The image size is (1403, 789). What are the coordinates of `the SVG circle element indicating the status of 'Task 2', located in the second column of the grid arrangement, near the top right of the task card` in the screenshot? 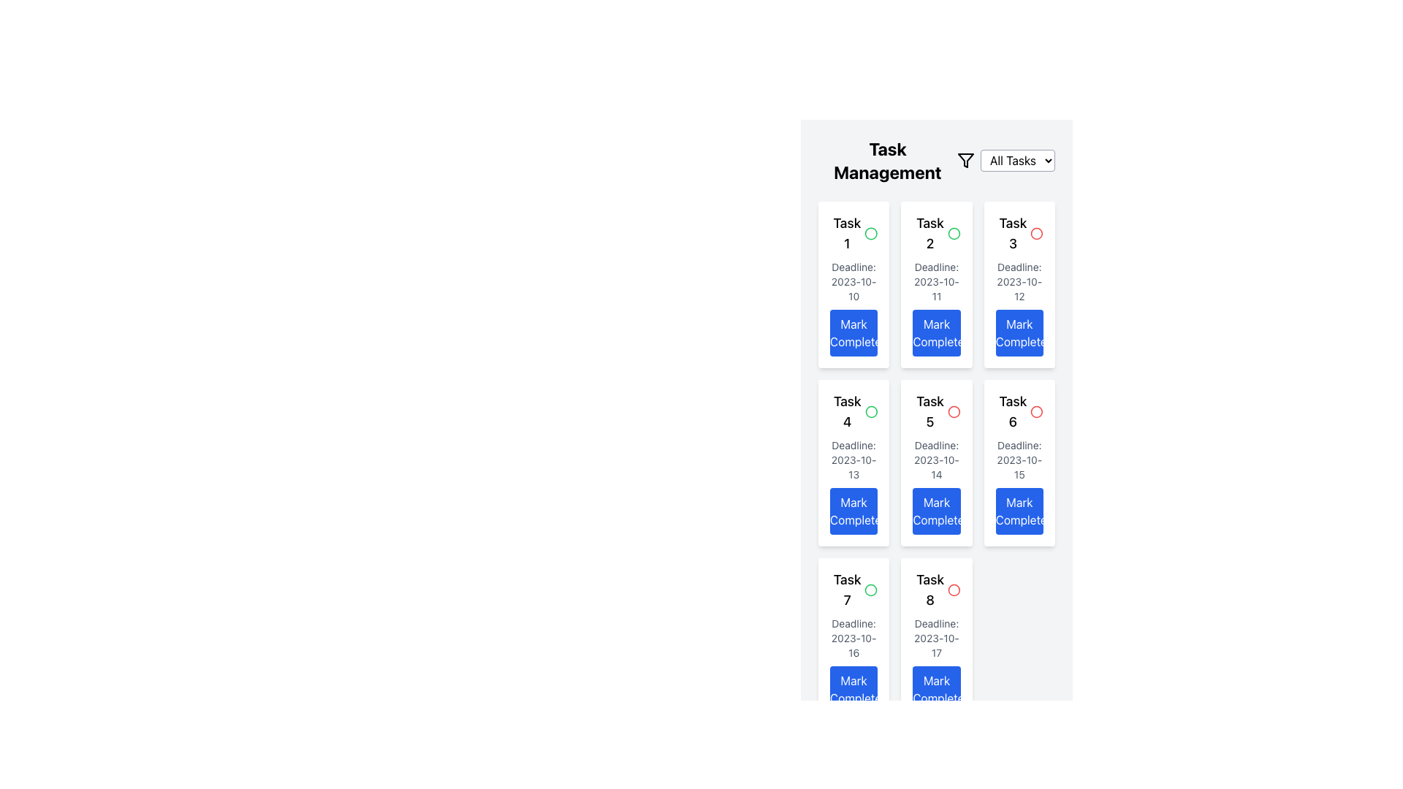 It's located at (871, 589).